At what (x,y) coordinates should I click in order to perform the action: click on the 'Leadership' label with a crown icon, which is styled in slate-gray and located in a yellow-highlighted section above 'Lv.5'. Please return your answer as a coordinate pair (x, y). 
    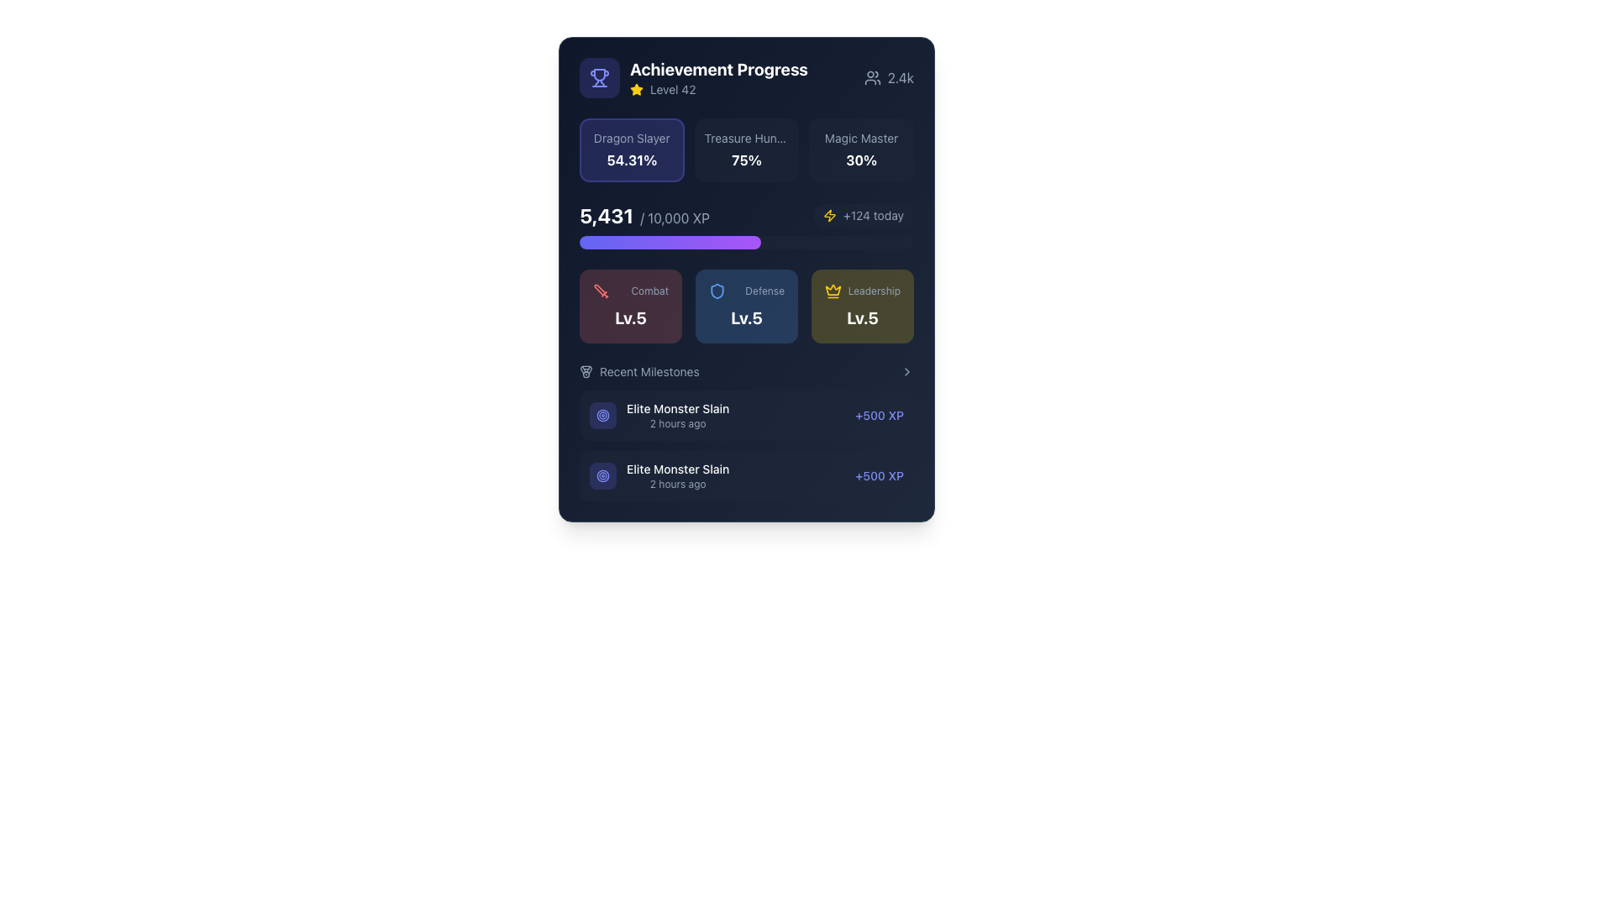
    Looking at the image, I should click on (863, 291).